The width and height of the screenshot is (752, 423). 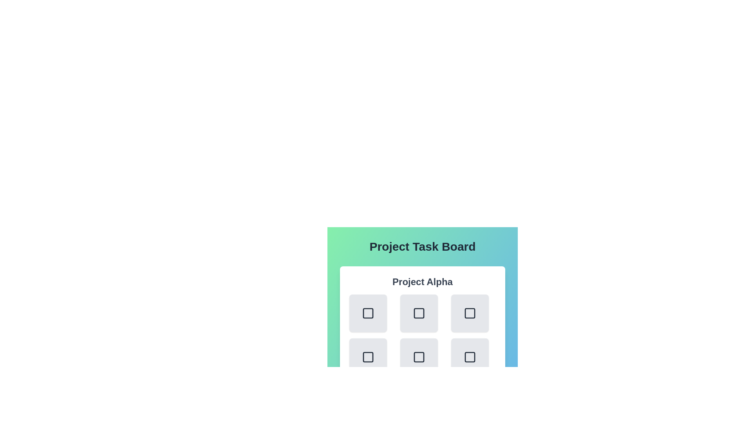 What do you see at coordinates (419, 313) in the screenshot?
I see `the task button corresponding to task 1 in project Project Alpha` at bounding box center [419, 313].